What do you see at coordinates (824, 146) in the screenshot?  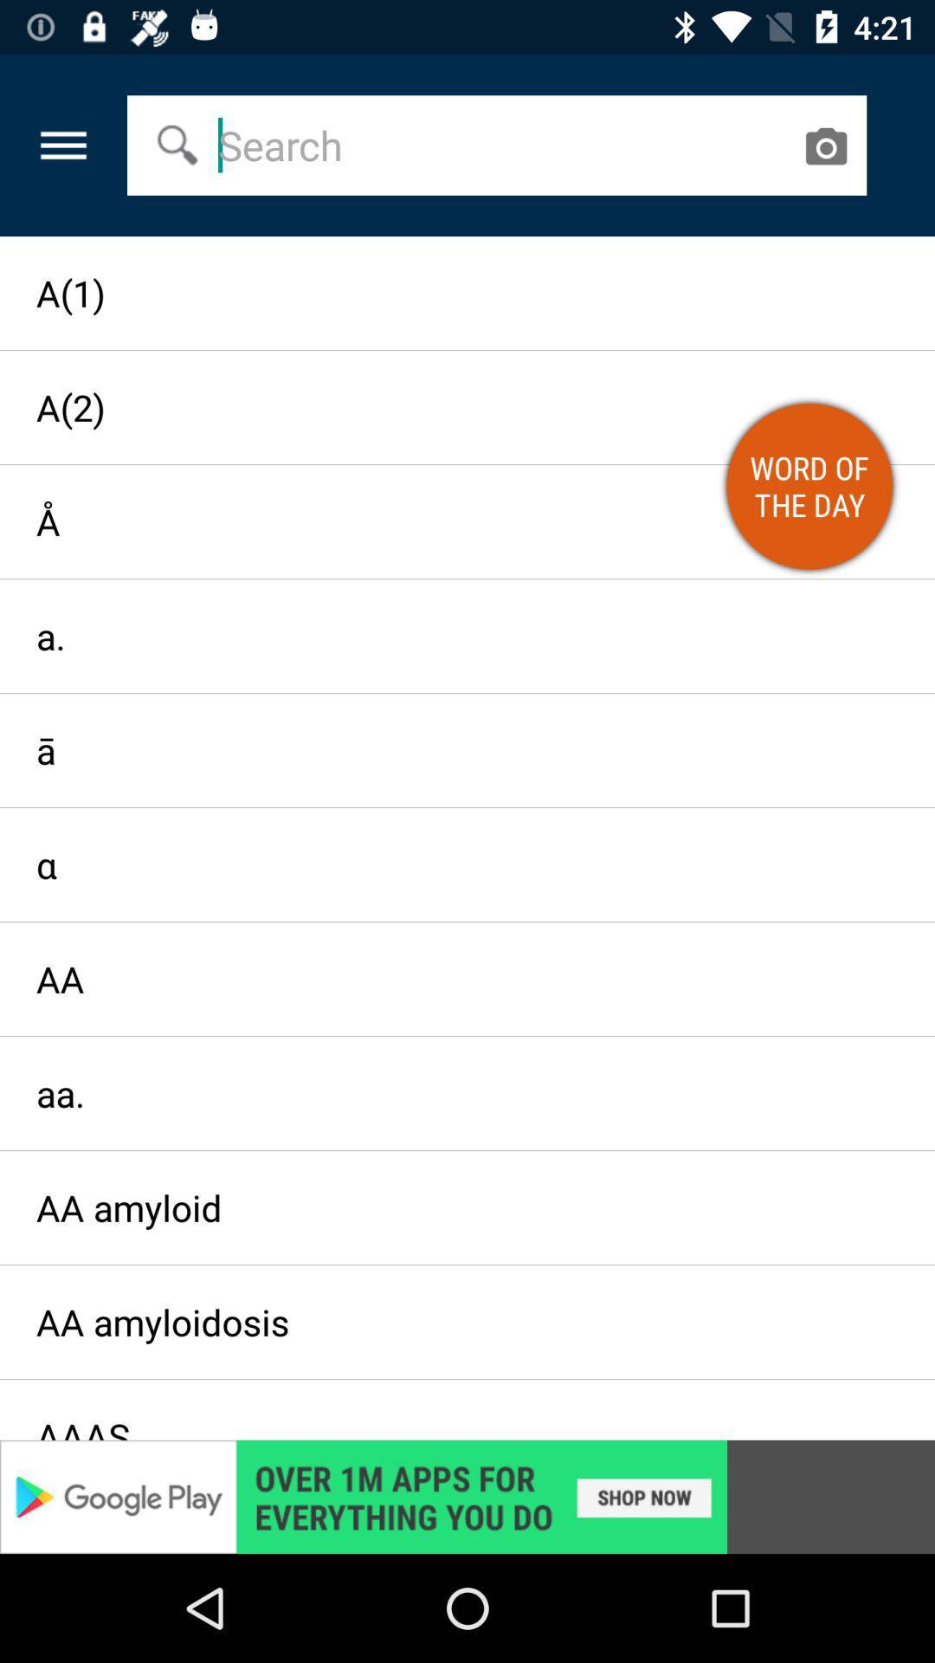 I see `search with camera` at bounding box center [824, 146].